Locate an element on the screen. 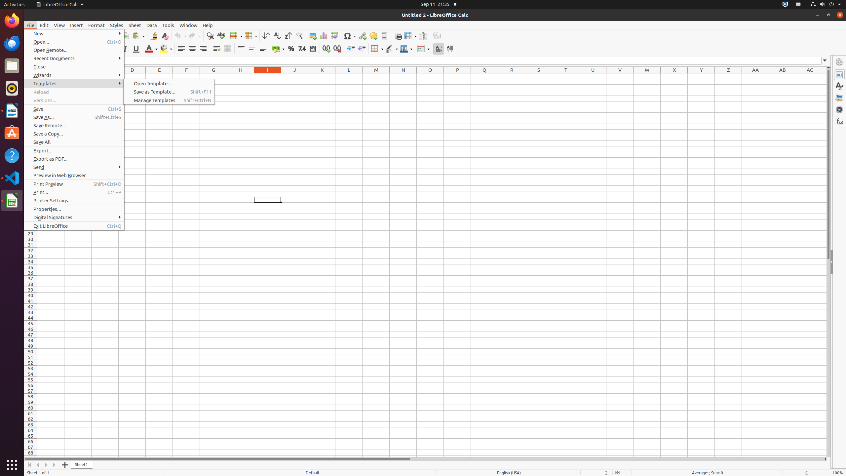  'H1' is located at coordinates (240, 76).